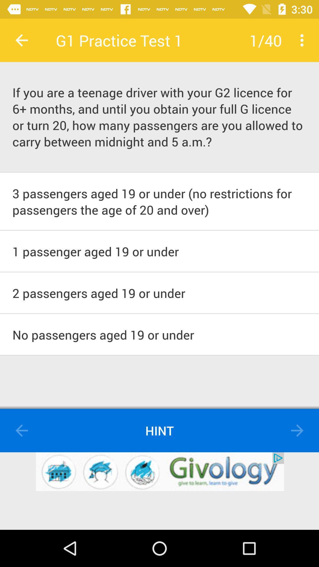 This screenshot has width=319, height=567. What do you see at coordinates (297, 431) in the screenshot?
I see `next page` at bounding box center [297, 431].